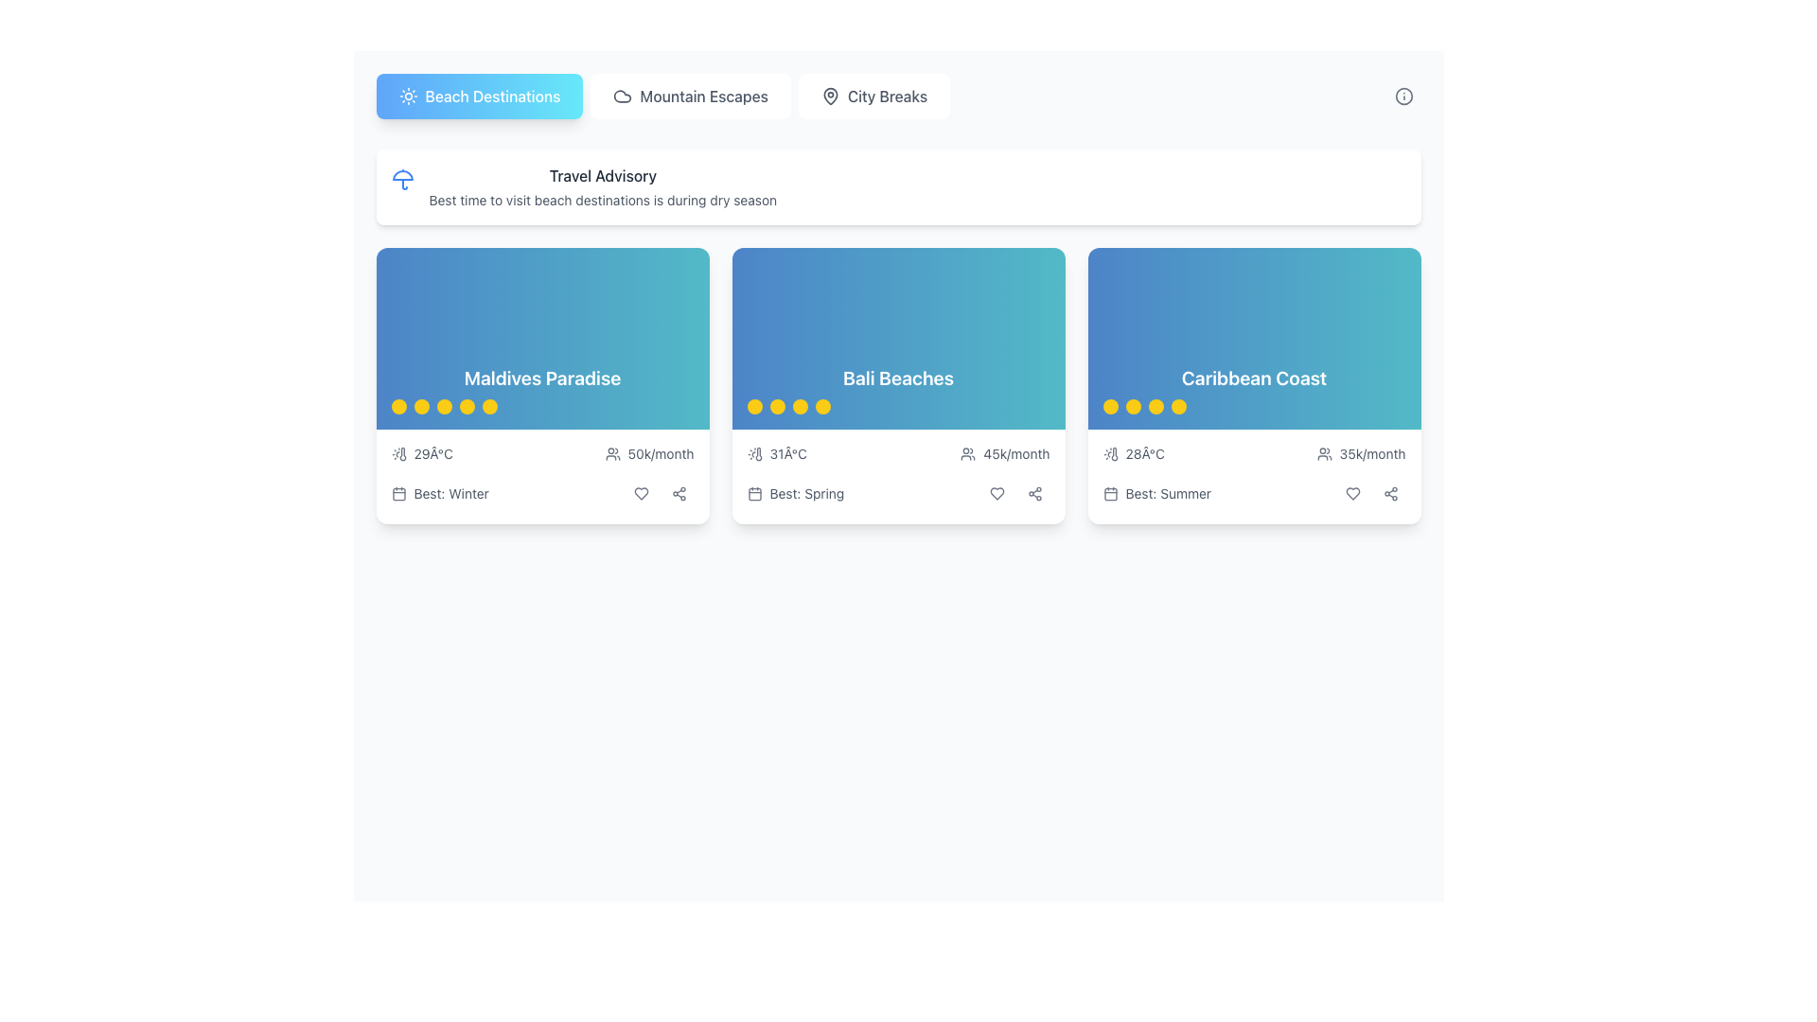  I want to click on the text and calendar icon combination labeled 'Best: Spring' located in the bottom section of the 'Bali Beaches' card, so click(795, 492).